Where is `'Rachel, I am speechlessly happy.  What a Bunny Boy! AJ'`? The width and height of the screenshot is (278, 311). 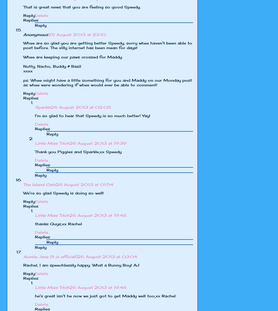 'Rachel, I am speechlessly happy.  What a Bunny Boy! AJ' is located at coordinates (81, 264).